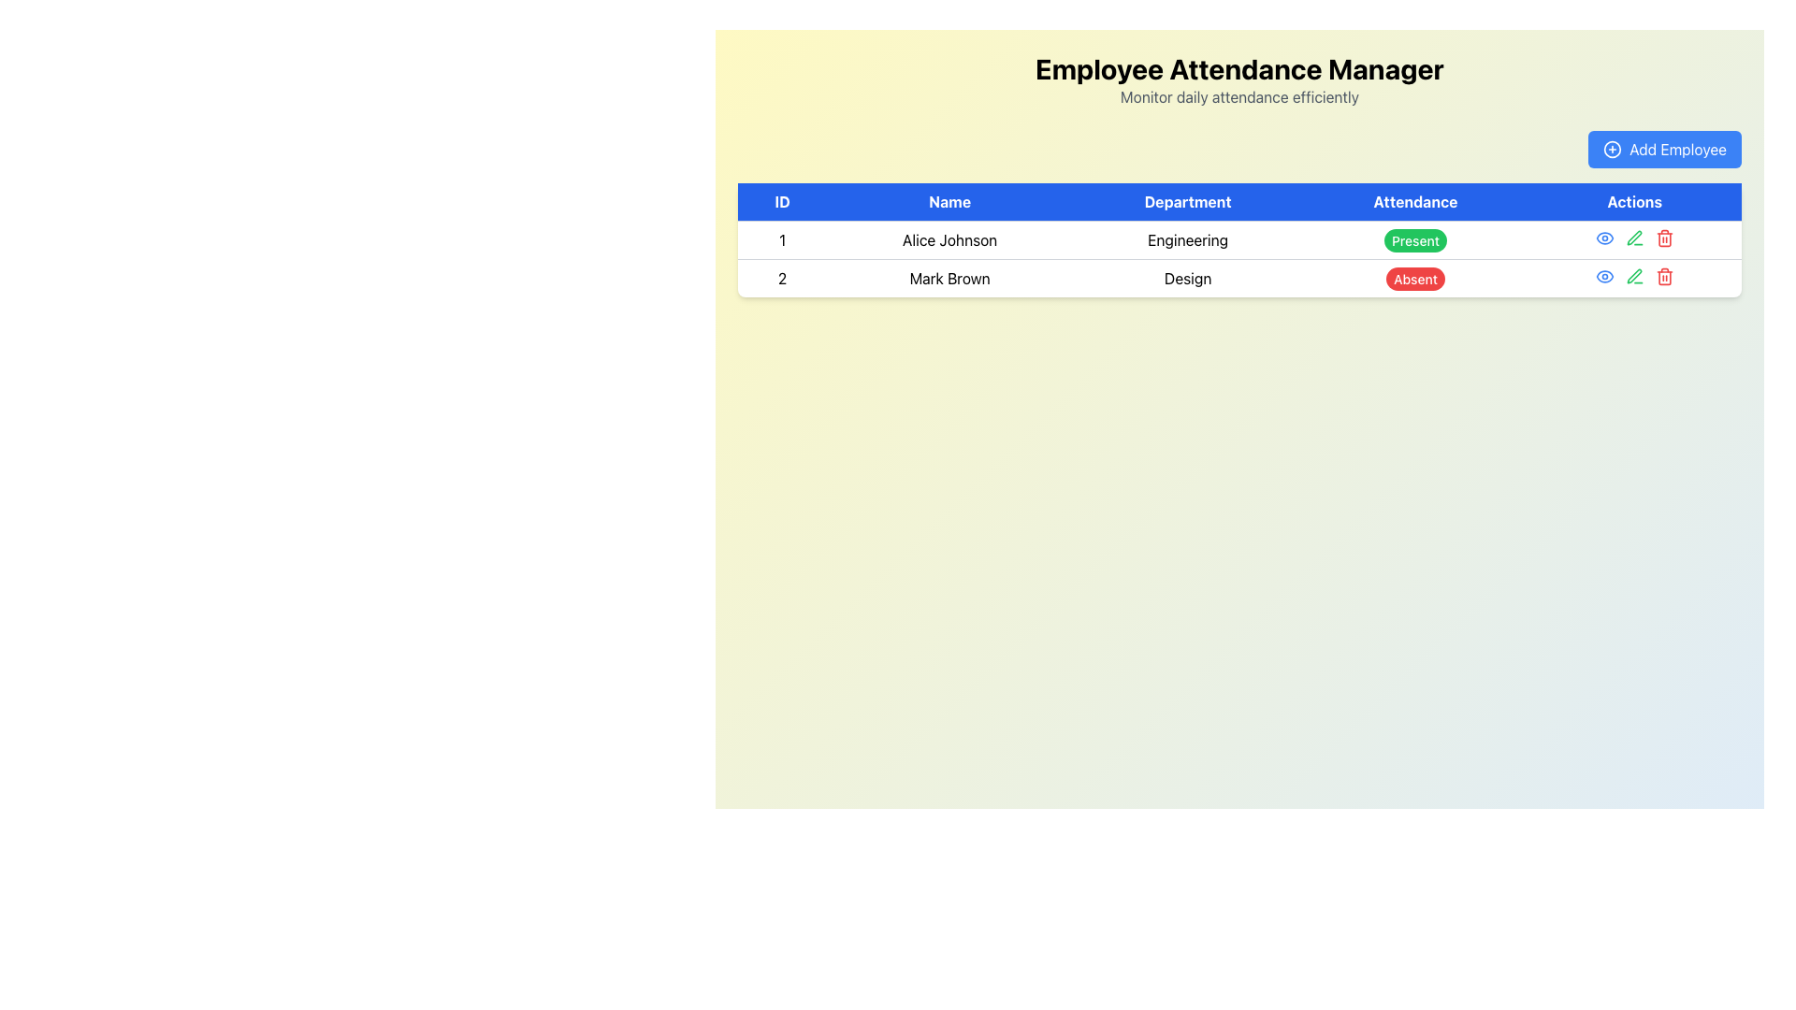  I want to click on the Trash Bin icon in the Actions column corresponding to Mark Brown in the Employee Attendance Manager application, so click(1664, 238).